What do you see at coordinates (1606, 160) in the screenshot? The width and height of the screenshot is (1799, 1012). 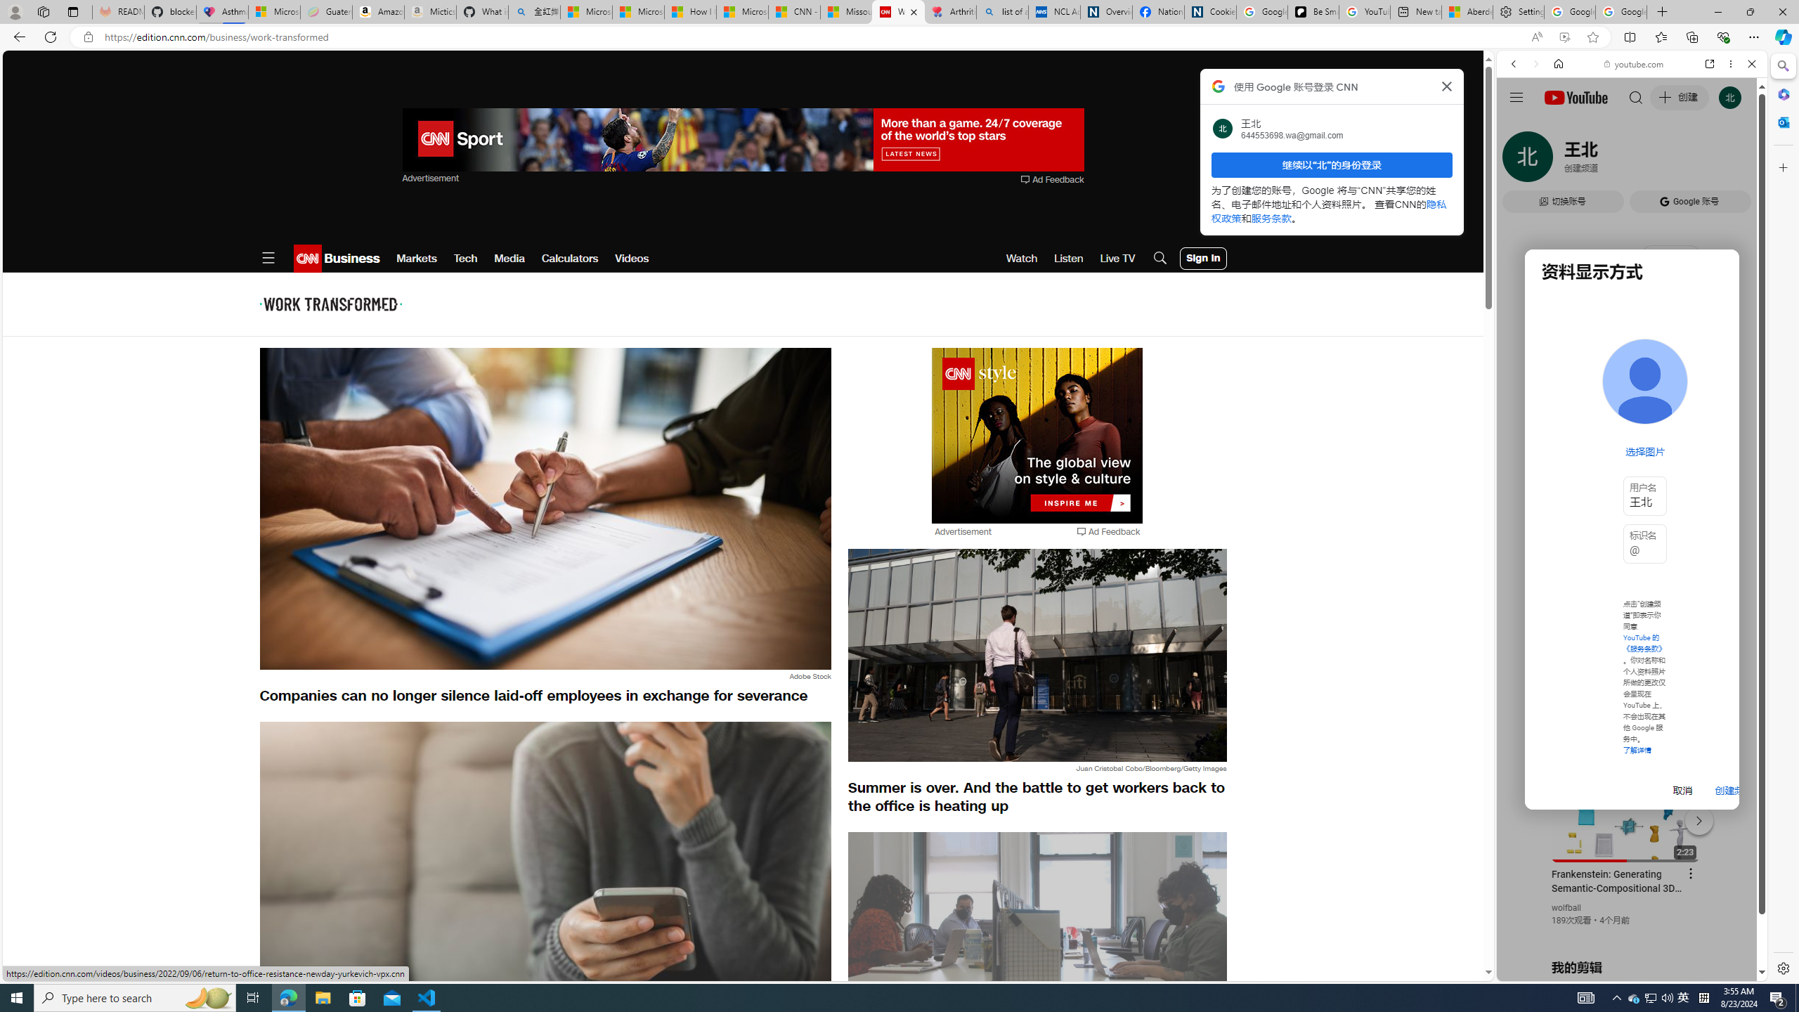 I see `'Search Filter, VIDEOS'` at bounding box center [1606, 160].